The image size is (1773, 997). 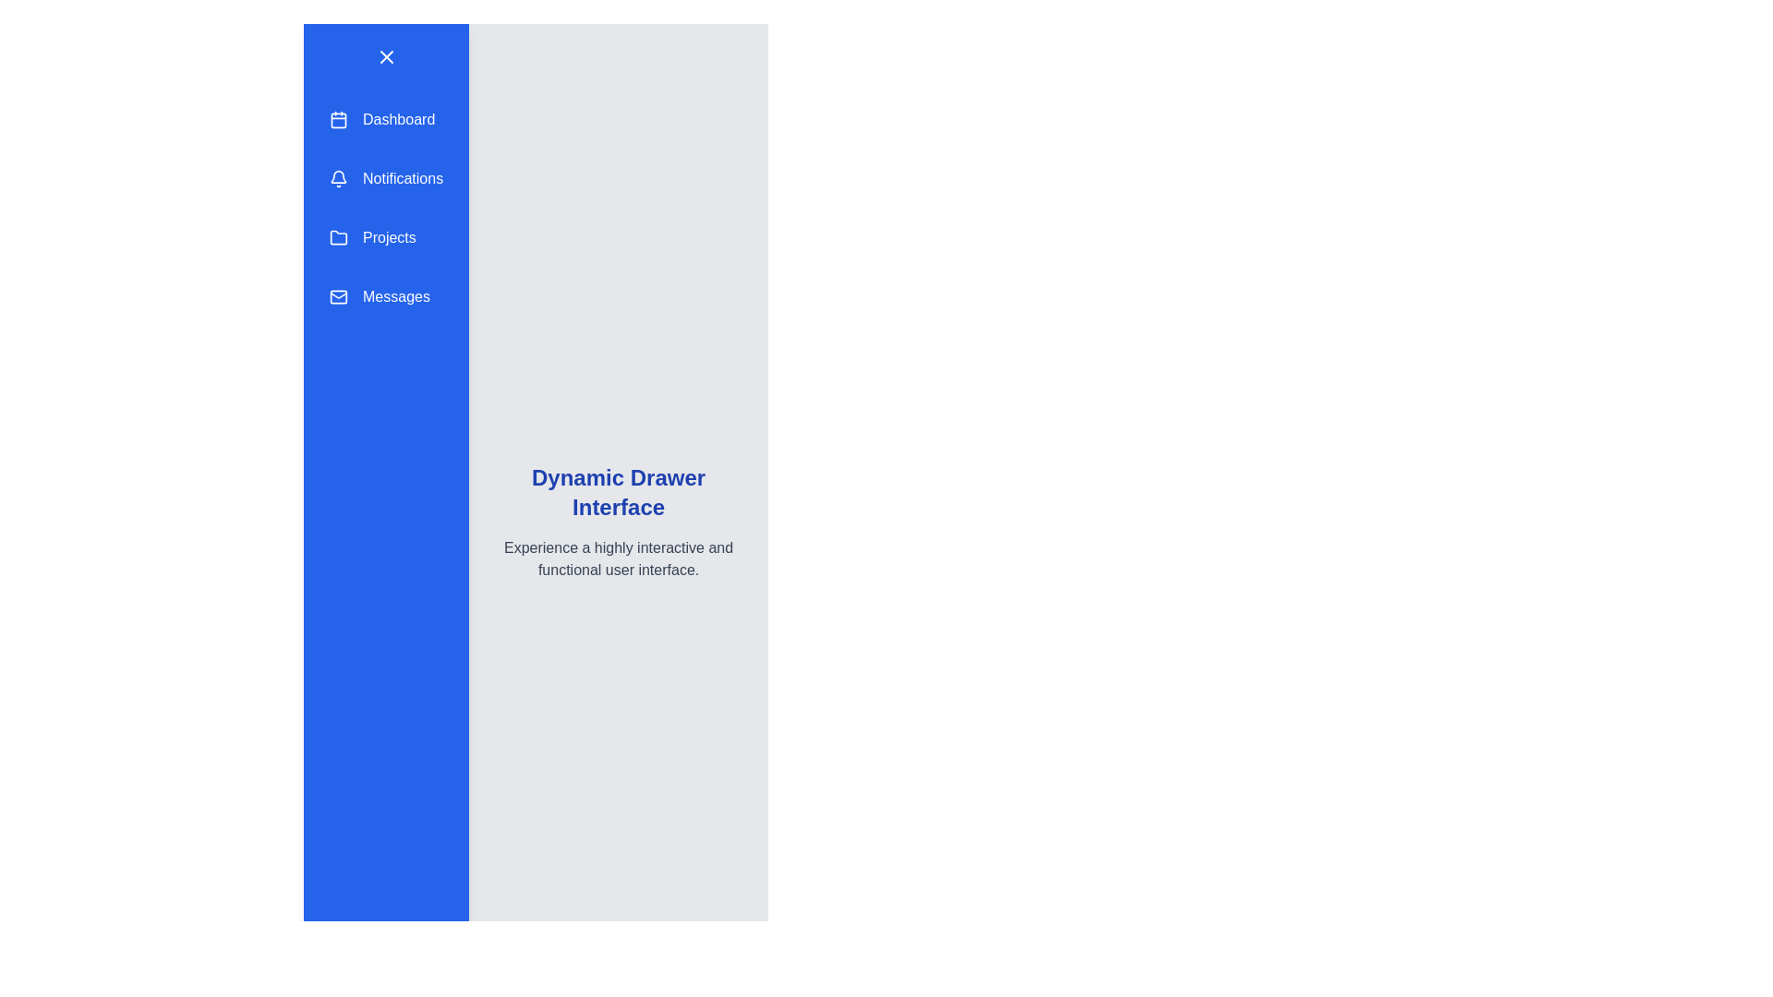 I want to click on the menu item Notifications to navigate to the respective section, so click(x=385, y=178).